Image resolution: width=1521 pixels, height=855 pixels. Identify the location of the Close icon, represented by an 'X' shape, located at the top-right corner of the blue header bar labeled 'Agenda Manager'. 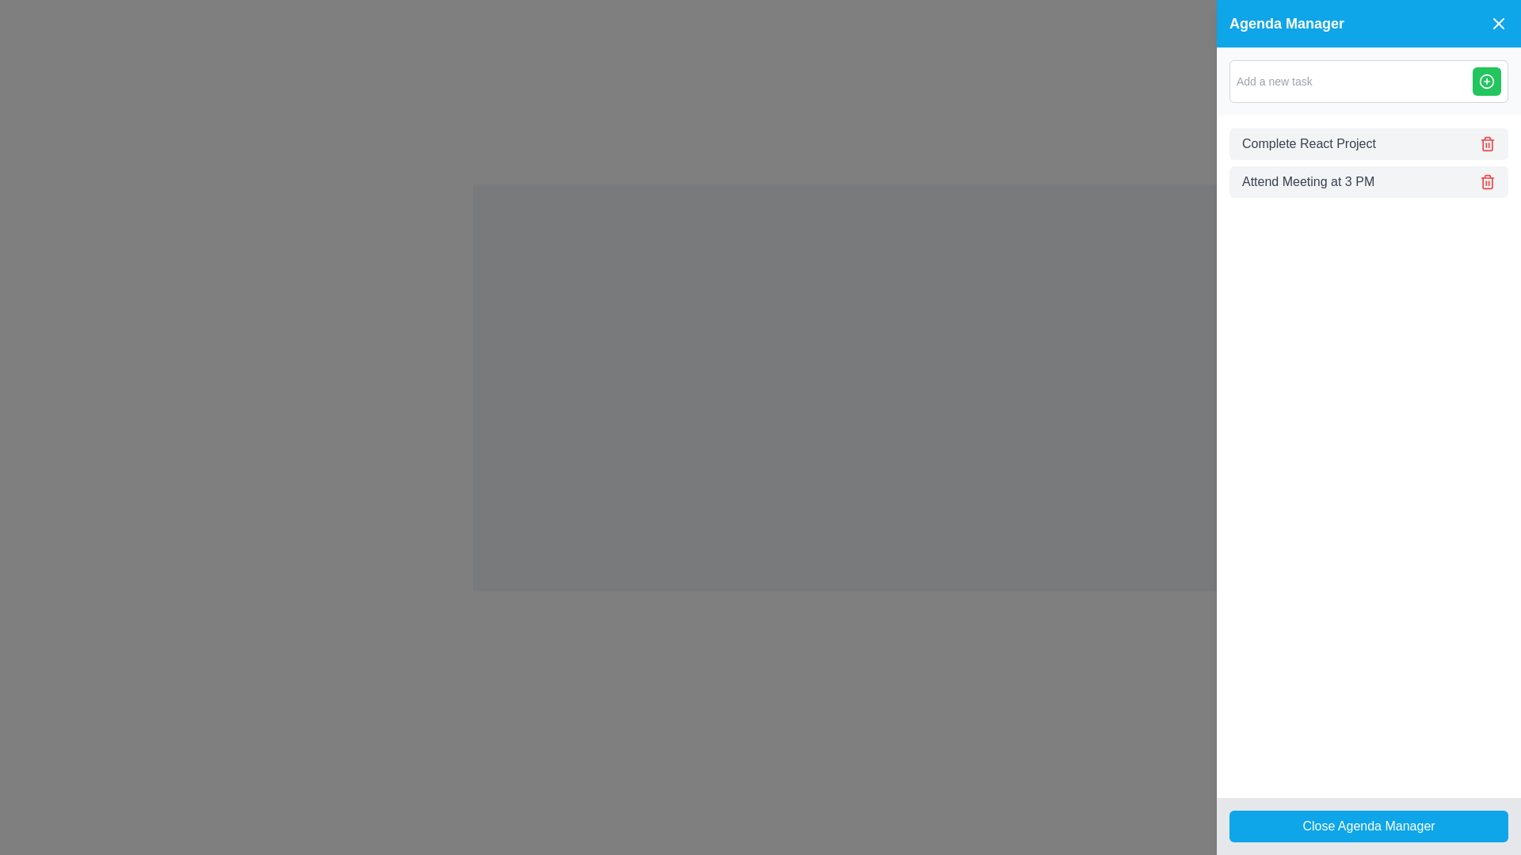
(1497, 24).